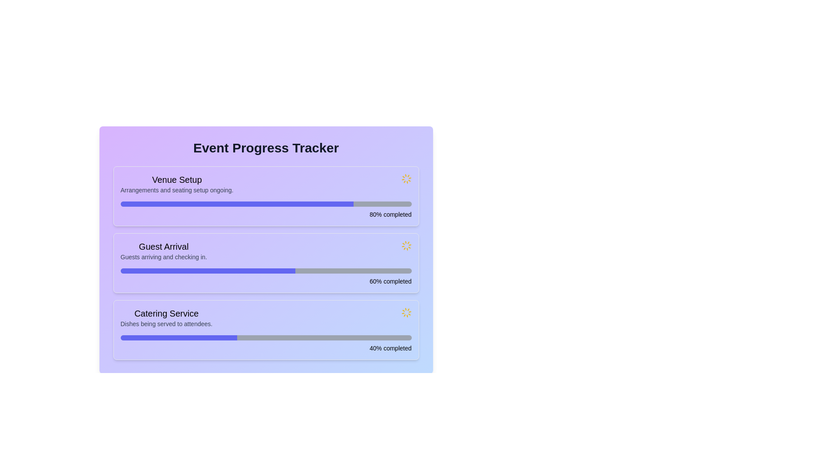 The width and height of the screenshot is (834, 469). What do you see at coordinates (164, 251) in the screenshot?
I see `text displayed in the second progress item of the 'Event Progress Tracker', which shows information about the 'Guest Arrival' task` at bounding box center [164, 251].